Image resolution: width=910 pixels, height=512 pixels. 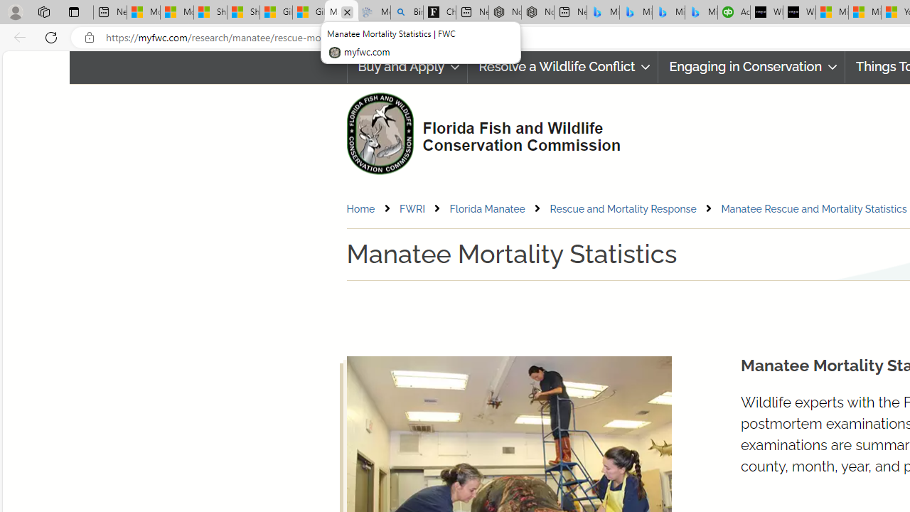 What do you see at coordinates (411, 208) in the screenshot?
I see `'FWRI'` at bounding box center [411, 208].